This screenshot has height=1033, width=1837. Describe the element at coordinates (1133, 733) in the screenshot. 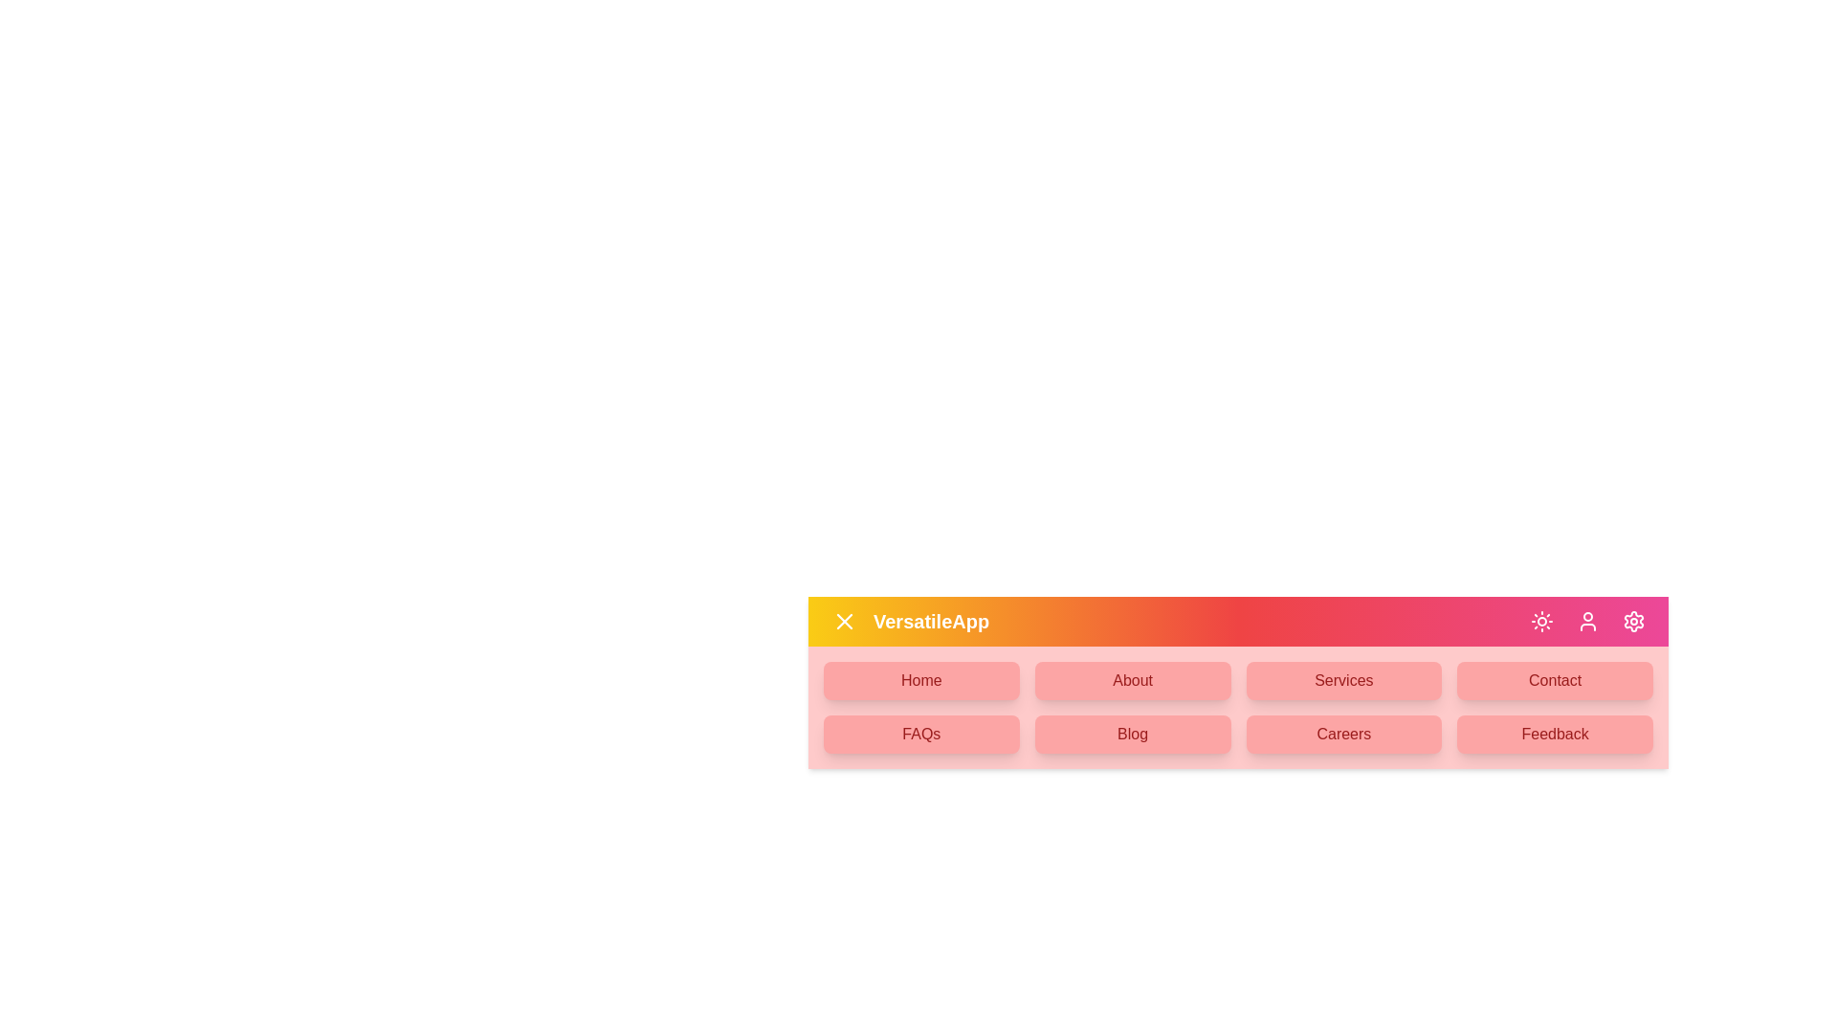

I see `the menu item Blog from the available options` at that location.